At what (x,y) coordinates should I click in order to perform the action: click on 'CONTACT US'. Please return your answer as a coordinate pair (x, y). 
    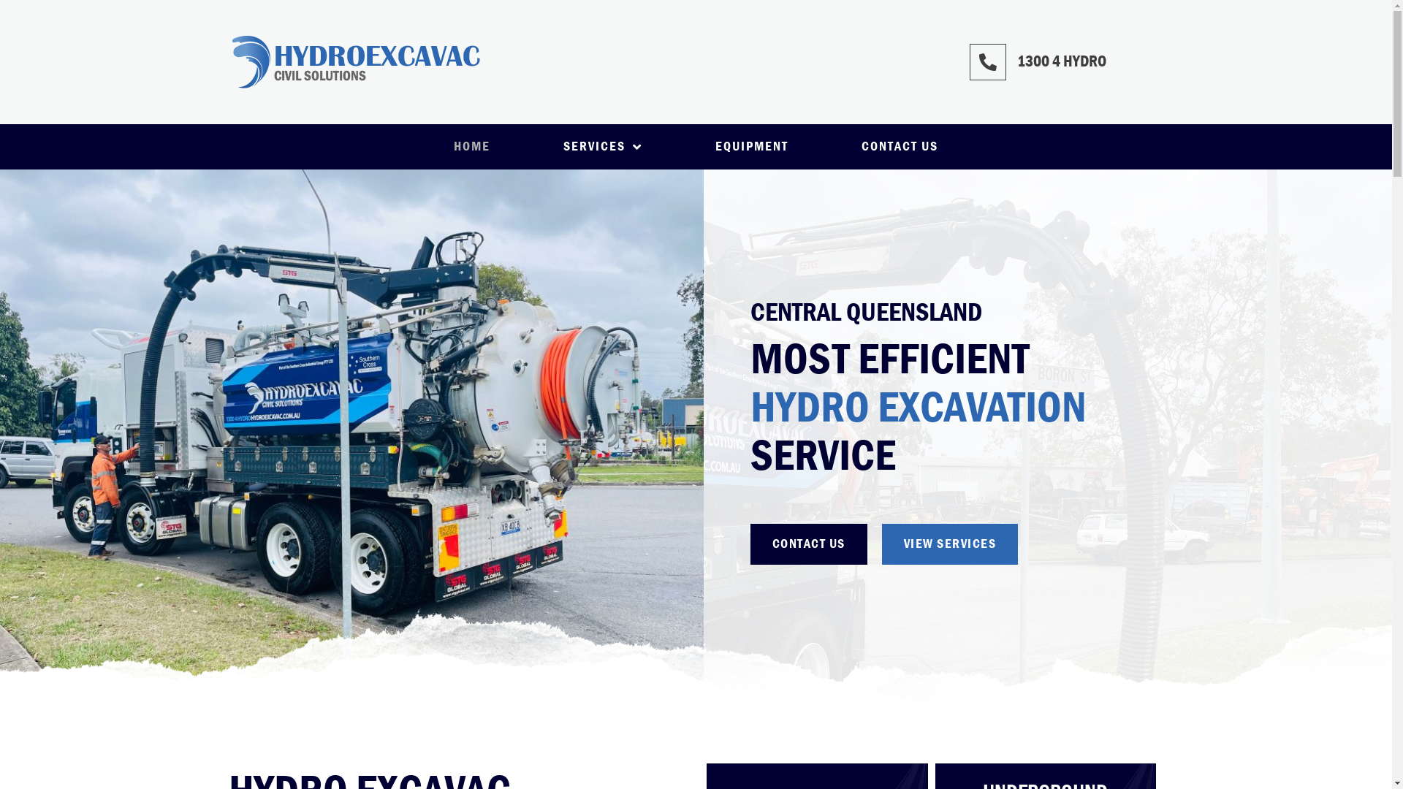
    Looking at the image, I should click on (824, 146).